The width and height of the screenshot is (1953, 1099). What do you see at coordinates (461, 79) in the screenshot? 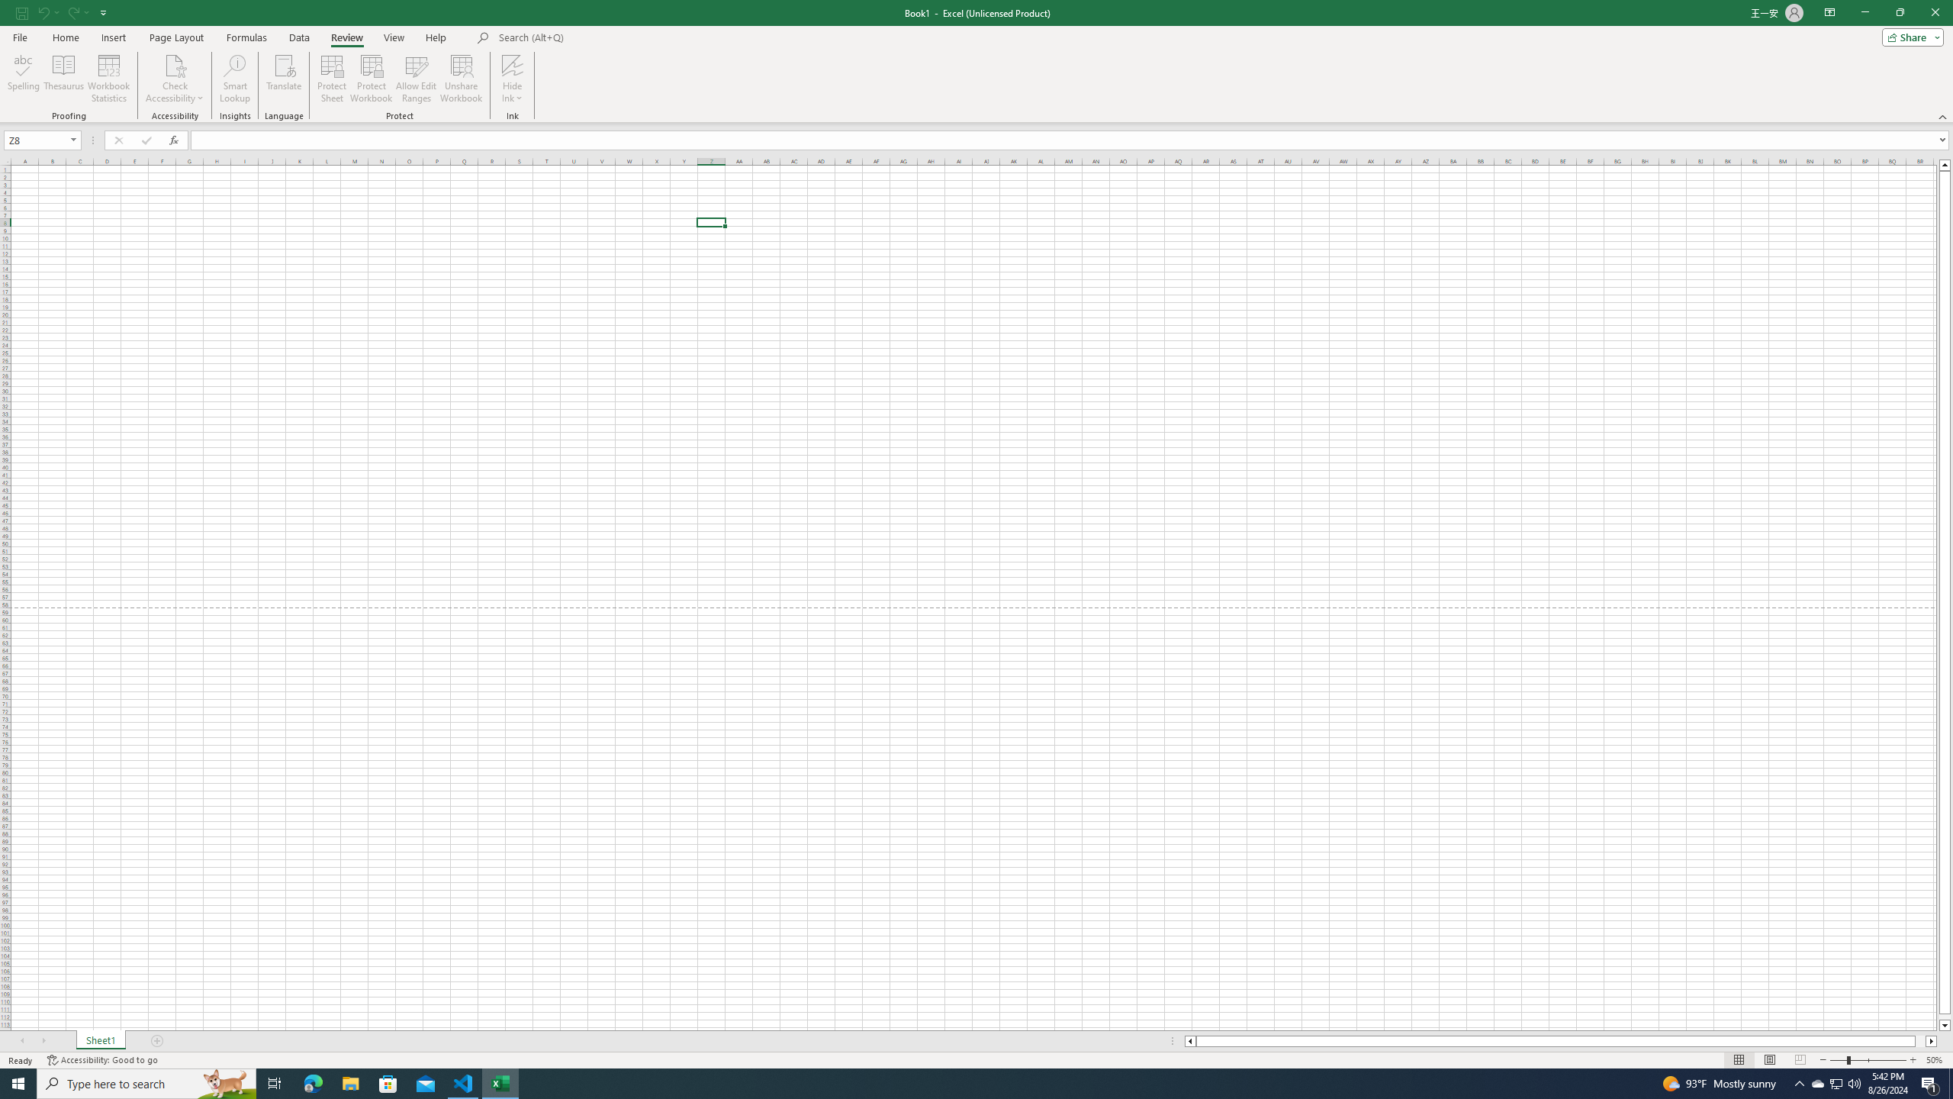
I see `'Unshare Workbook'` at bounding box center [461, 79].